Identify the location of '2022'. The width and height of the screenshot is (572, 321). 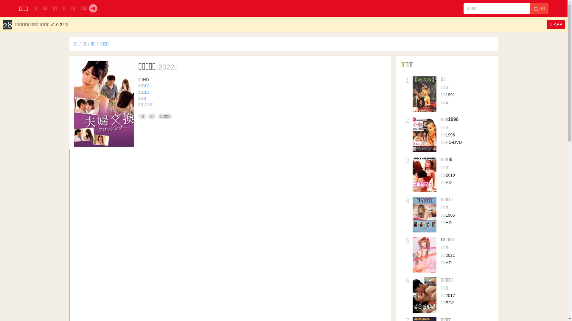
(166, 67).